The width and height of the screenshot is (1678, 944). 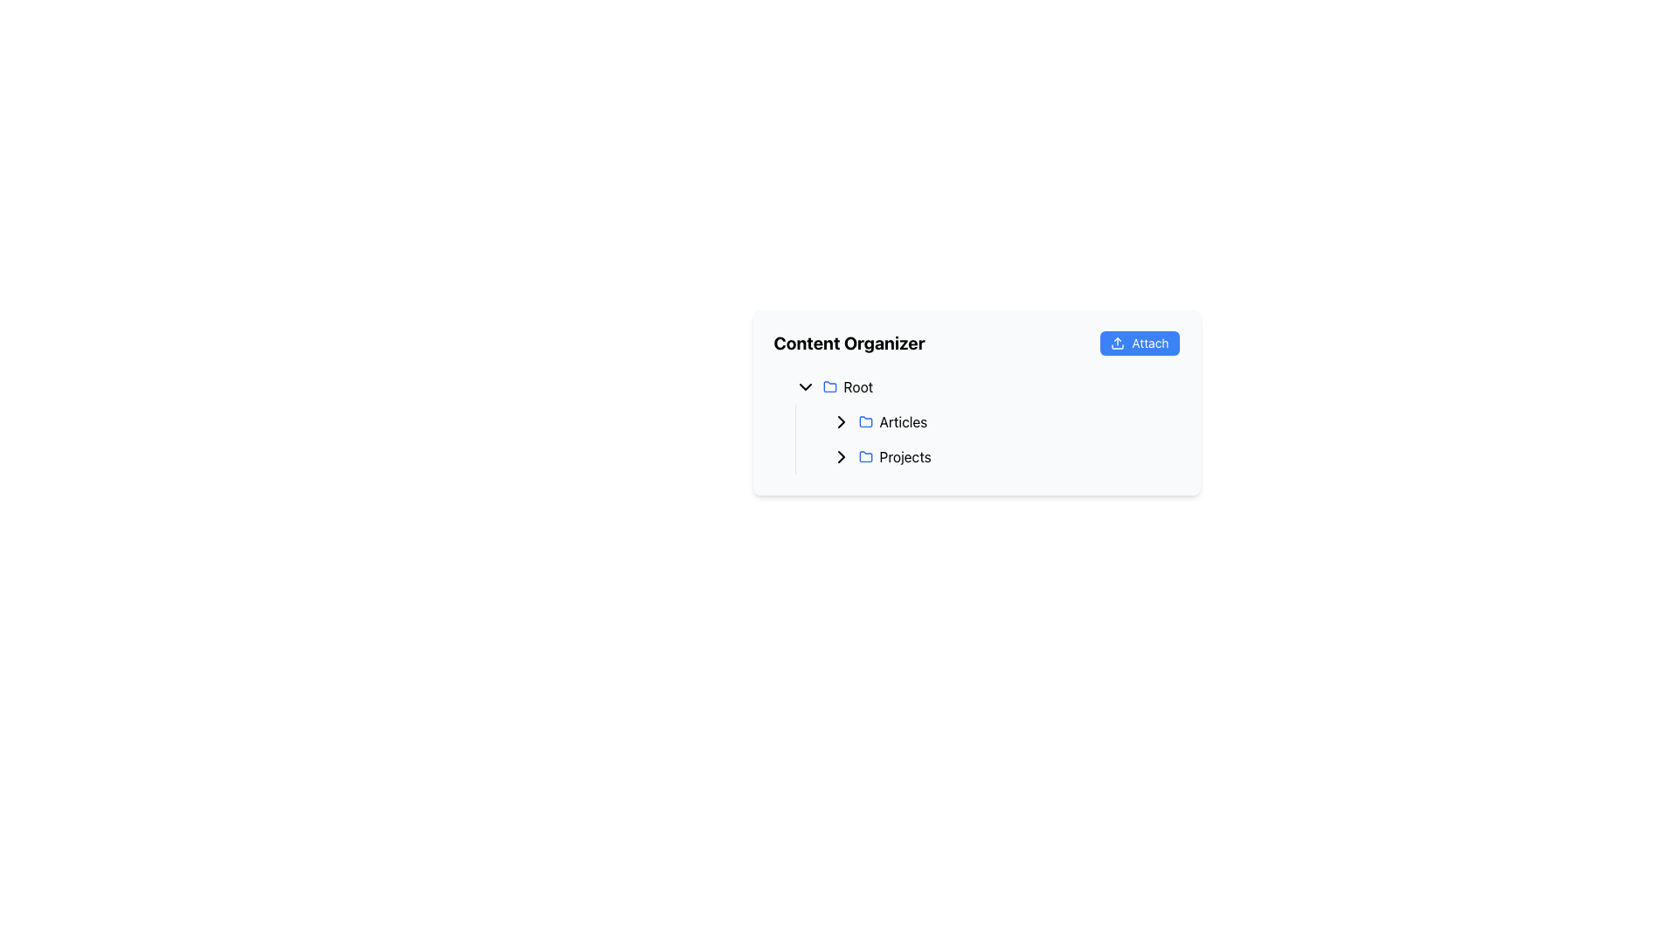 I want to click on the folder icon located to the immediate left of the 'Root' text label, so click(x=829, y=385).